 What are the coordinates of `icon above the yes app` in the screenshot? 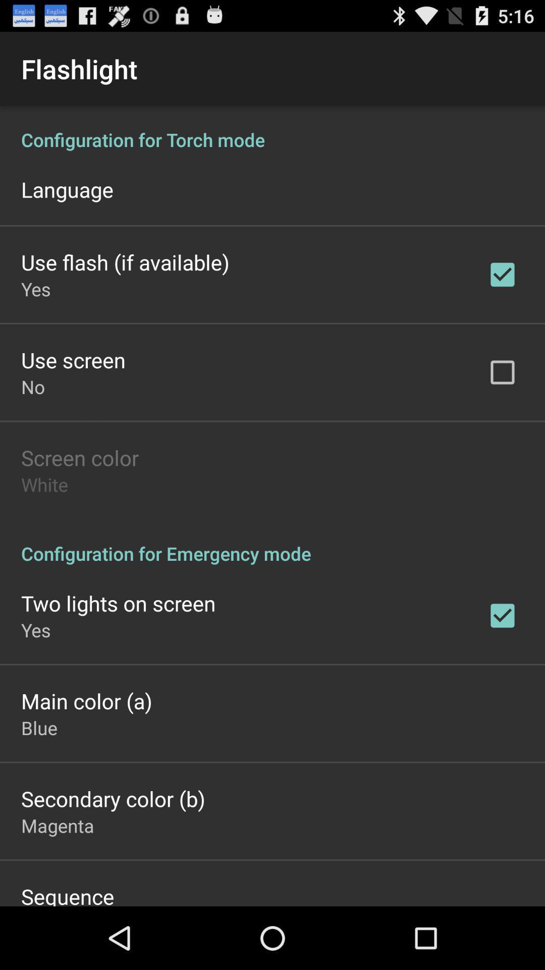 It's located at (118, 603).